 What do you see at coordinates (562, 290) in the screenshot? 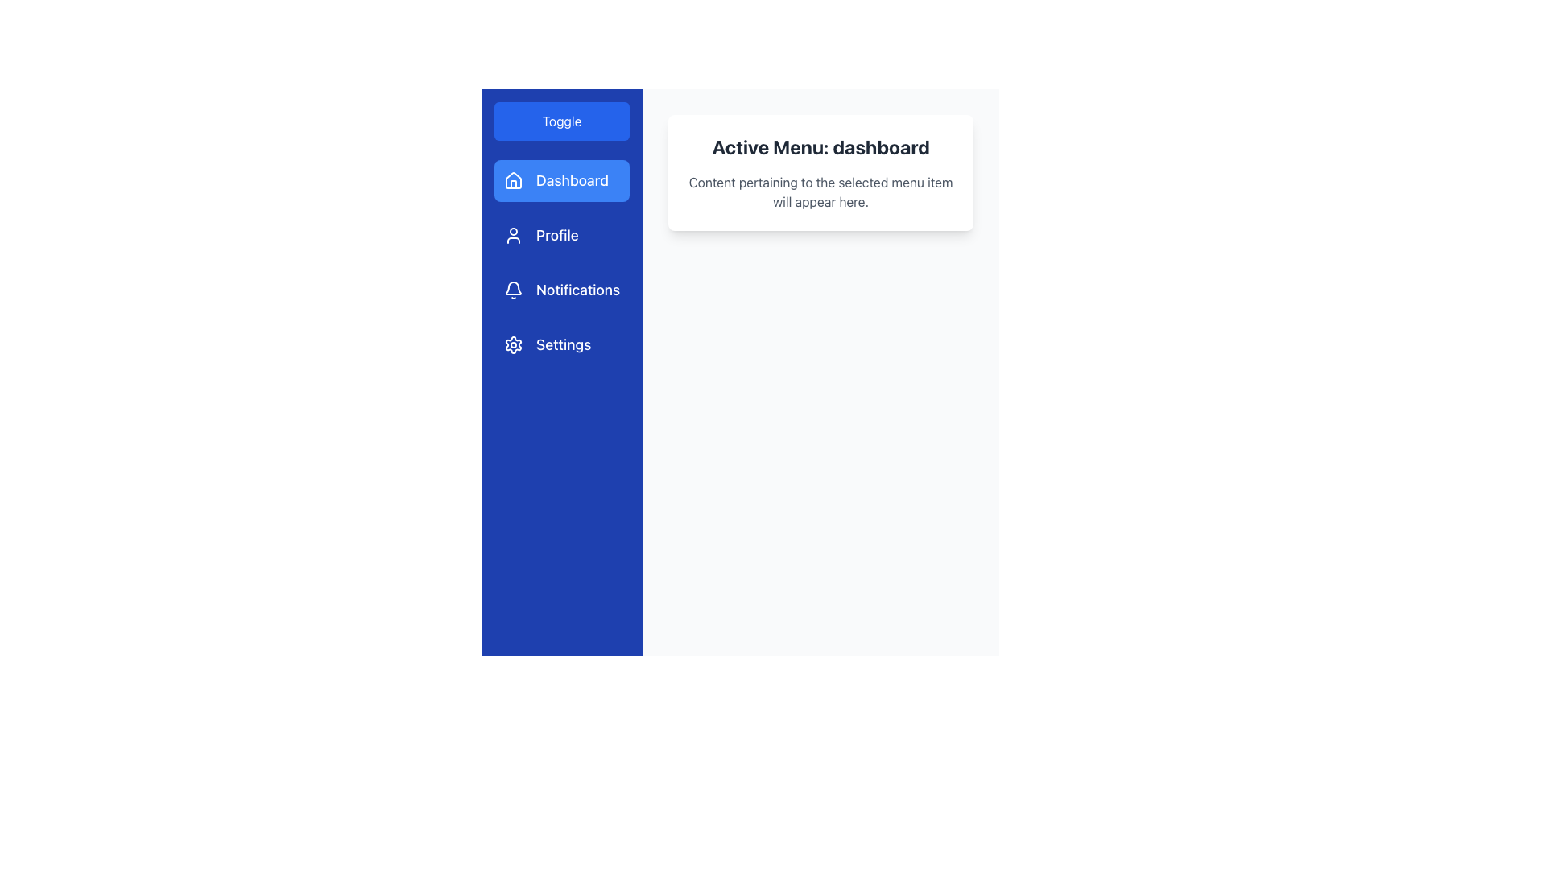
I see `the 'Notifications' button with a blue background, located in the vertical navigation menu` at bounding box center [562, 290].